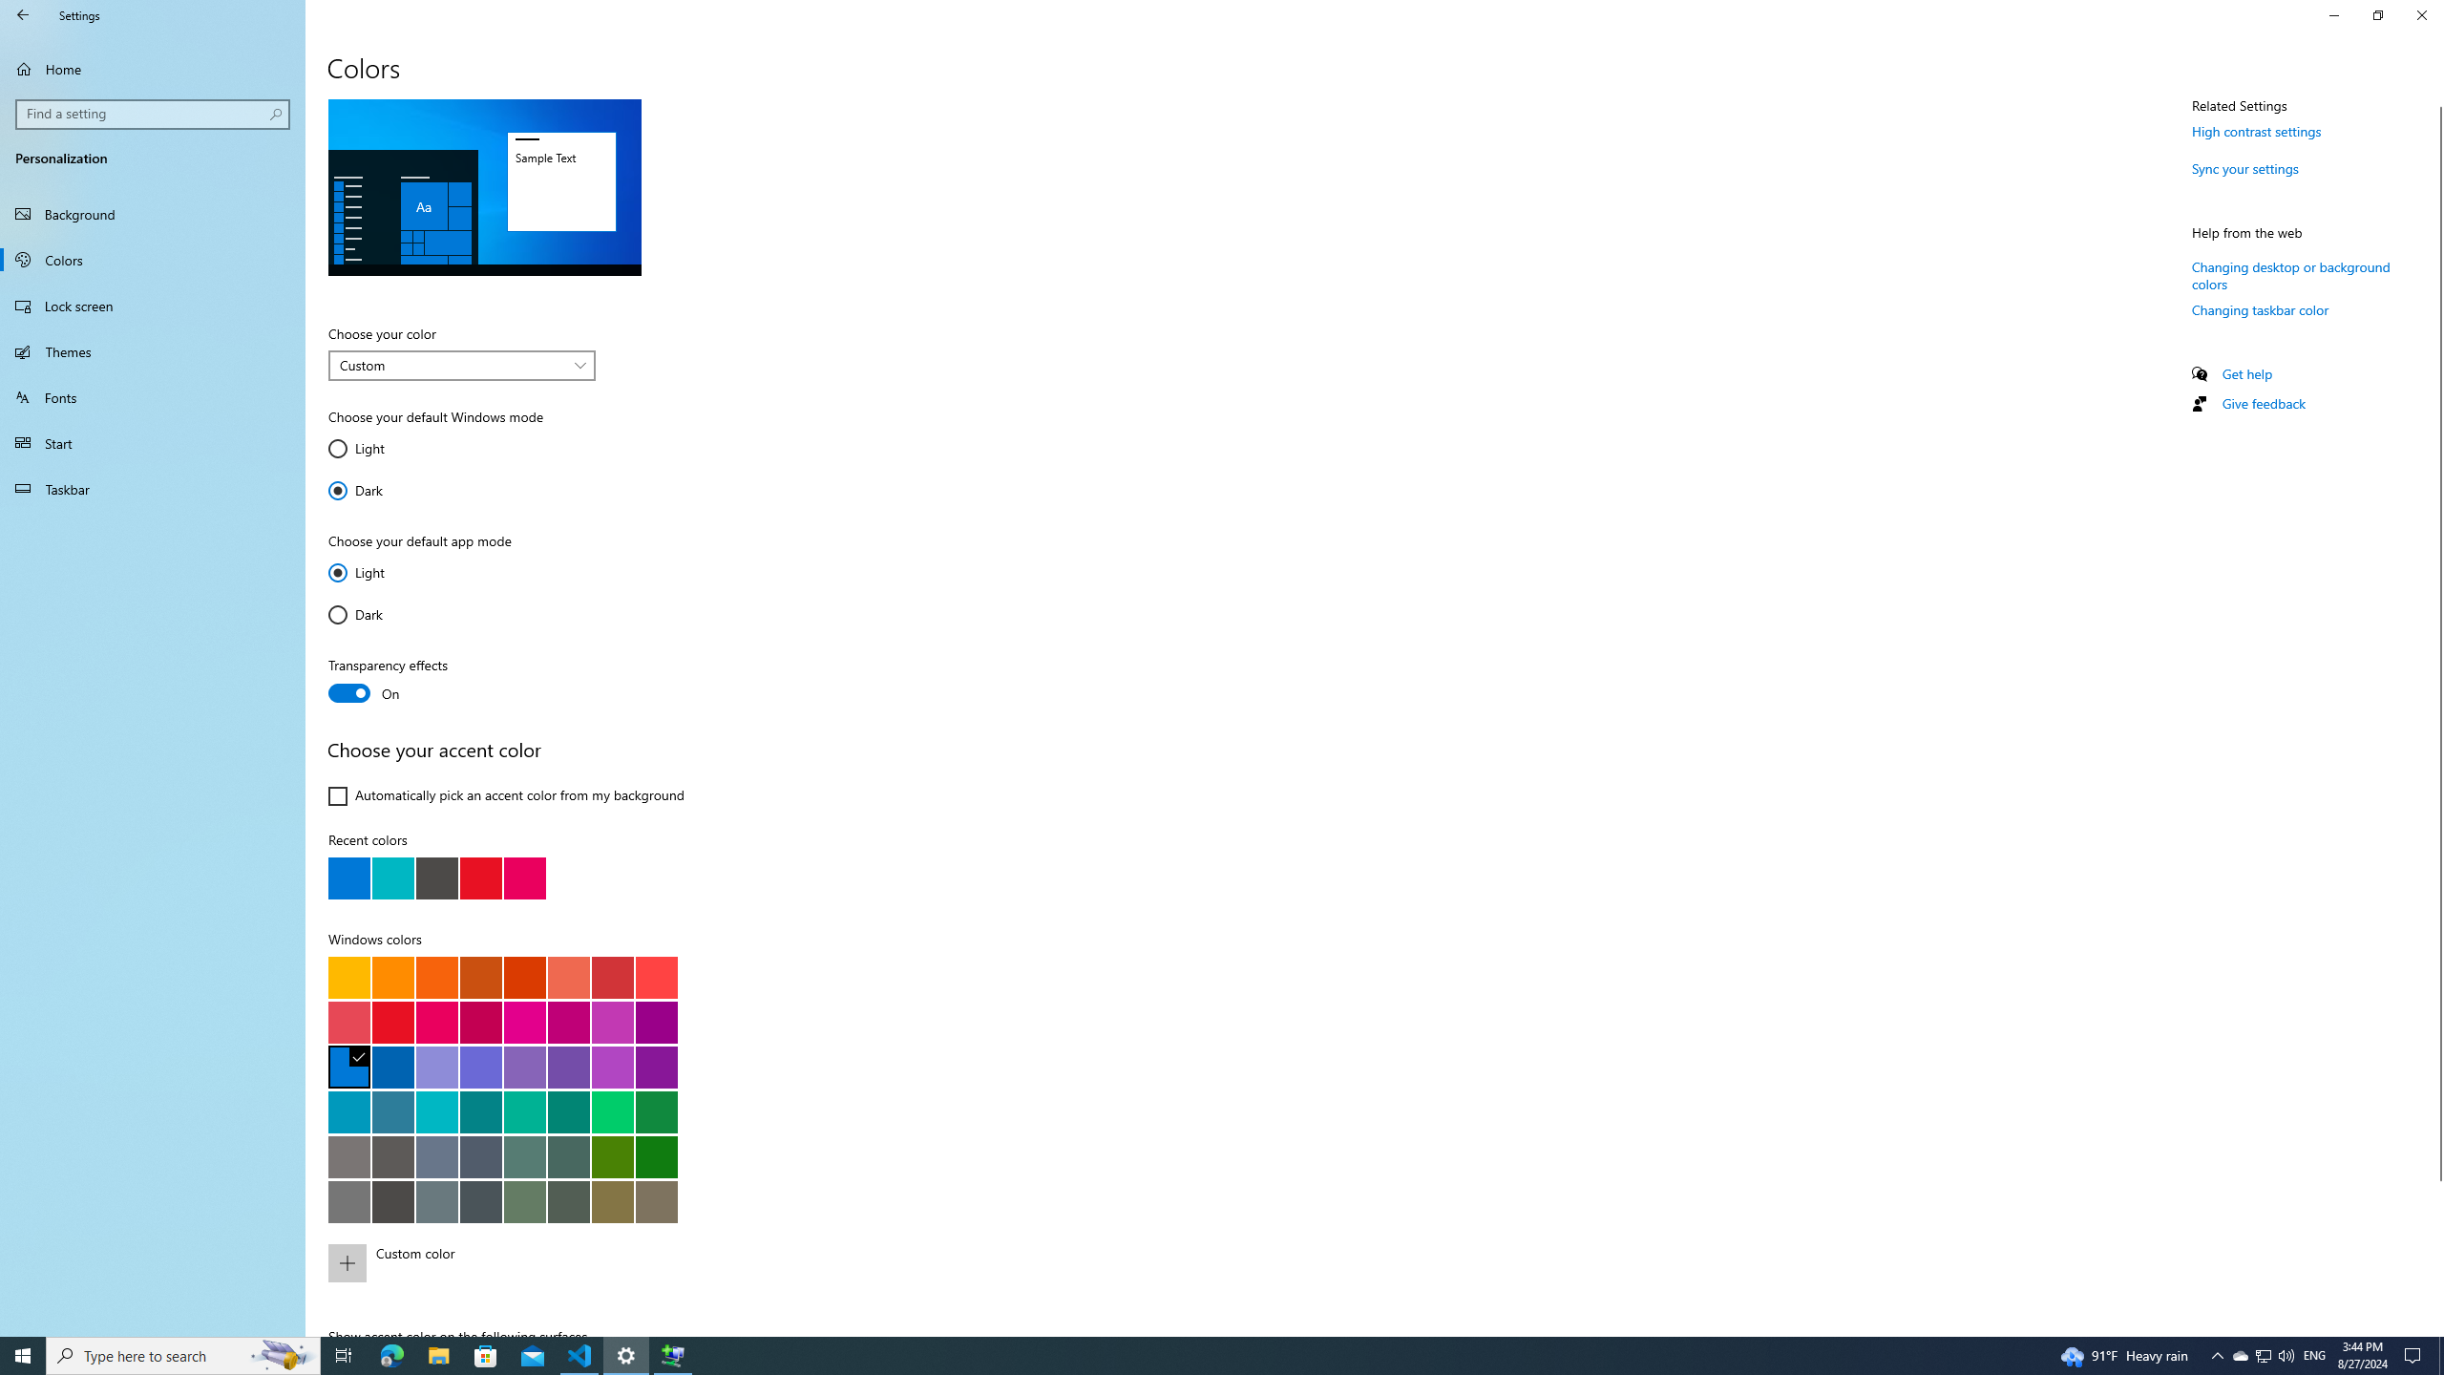 This screenshot has width=2444, height=1375. Describe the element at coordinates (568, 1111) in the screenshot. I see `'Mint dark'` at that location.